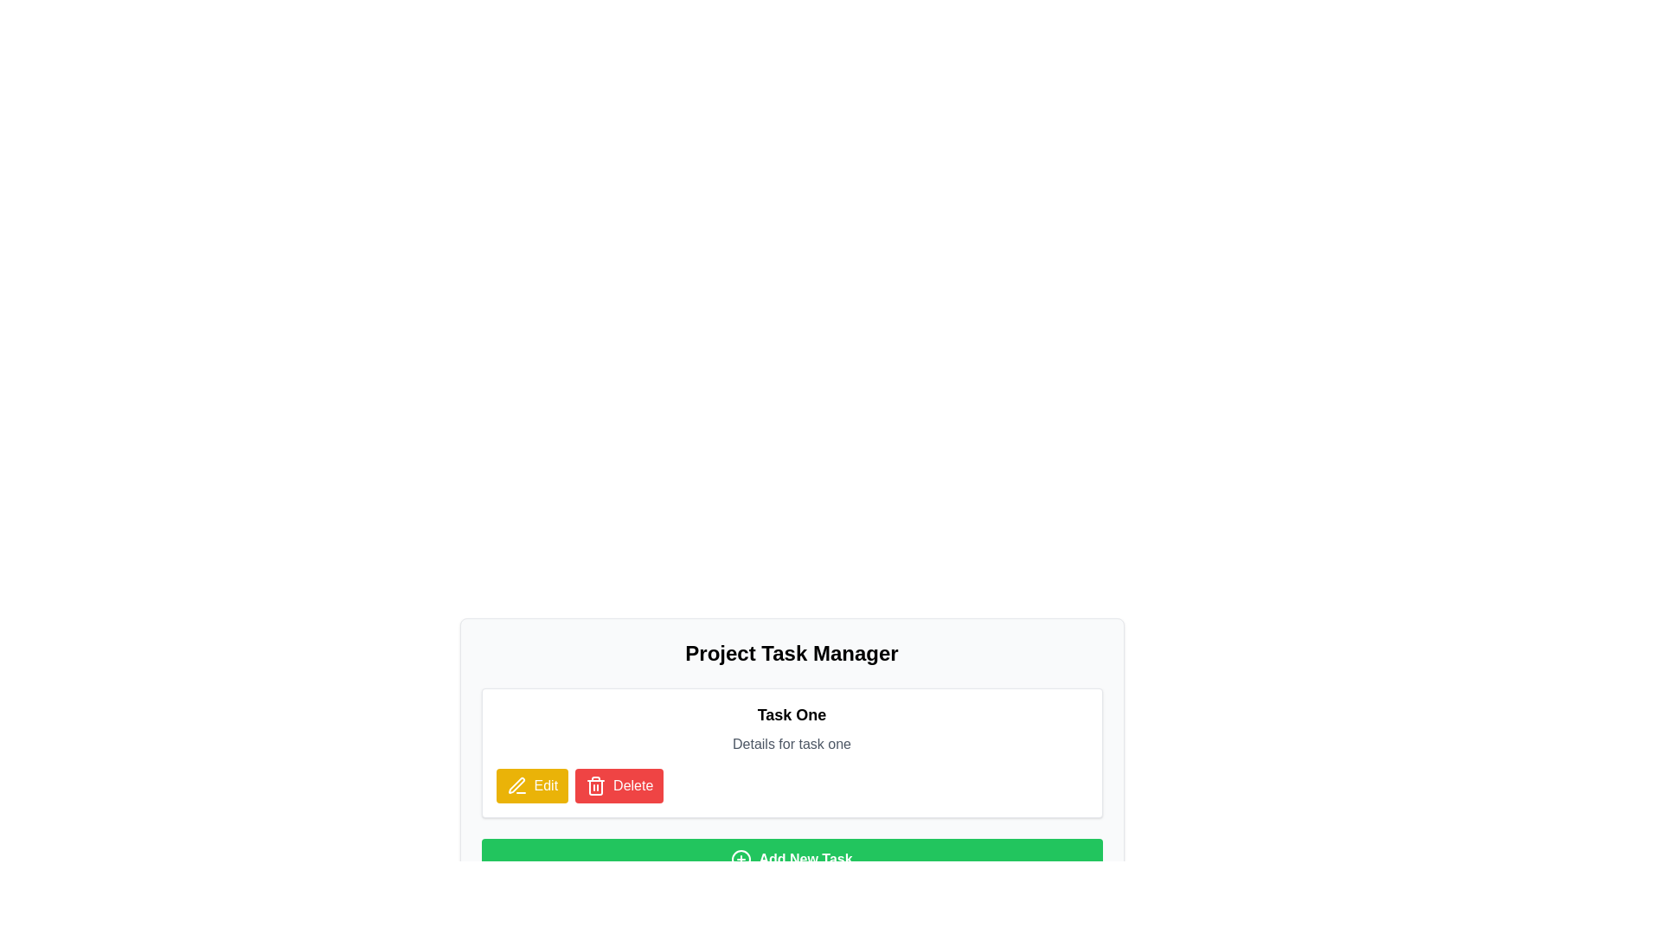 The height and width of the screenshot is (934, 1661). Describe the element at coordinates (531, 786) in the screenshot. I see `the 'Edit' button with a yellow background and a pencil icon located in the bottom section of the 'Task One' card` at that location.